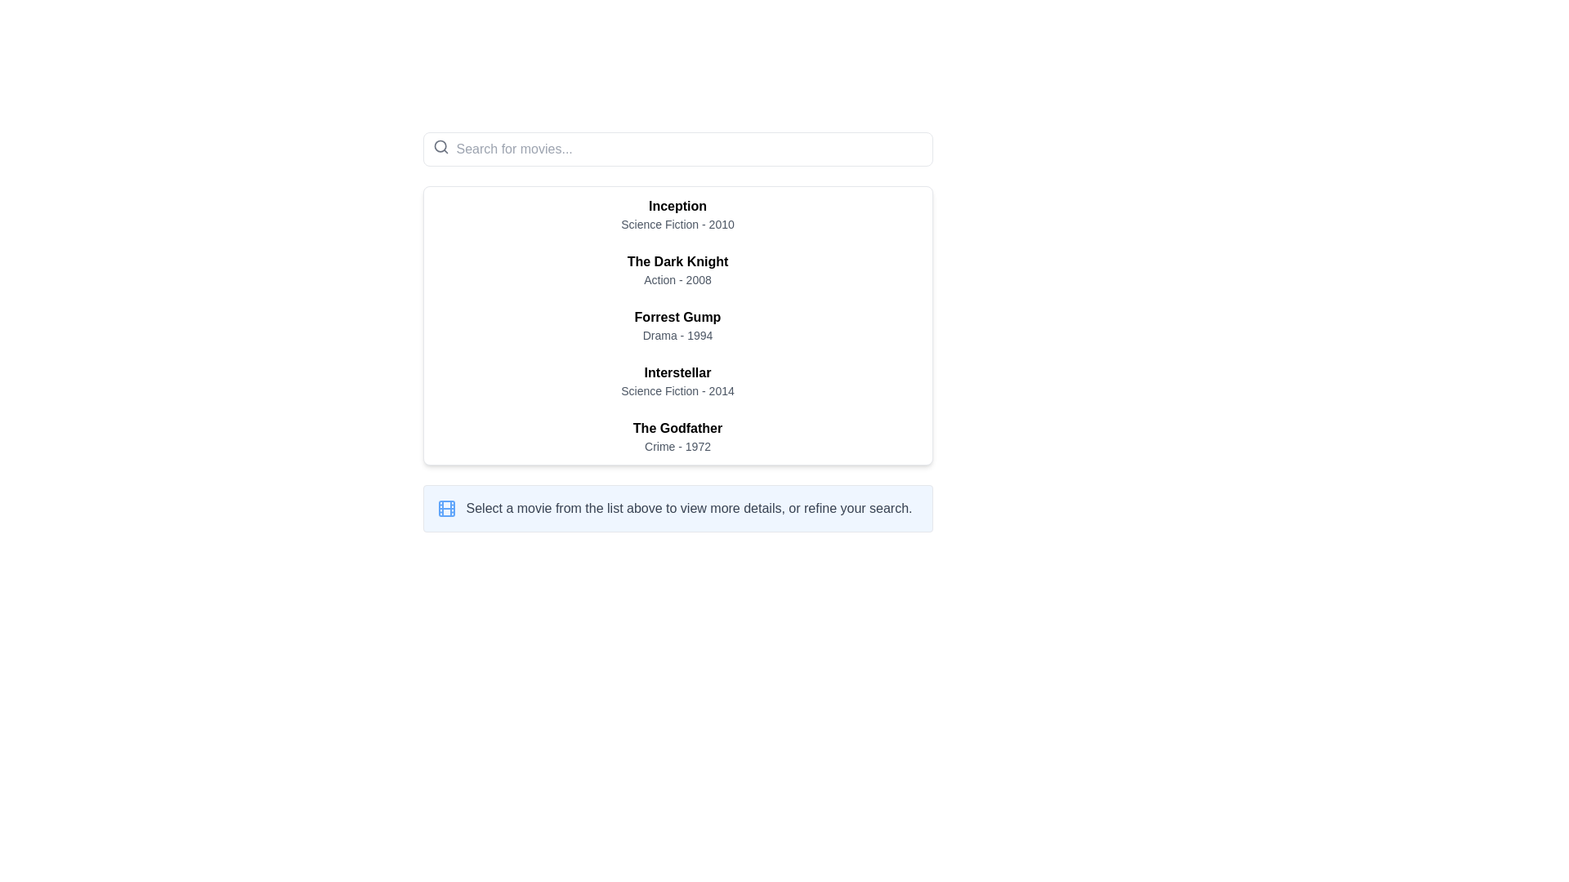 The width and height of the screenshot is (1569, 882). Describe the element at coordinates (689, 508) in the screenshot. I see `the textual message that reads 'Select a movie from the list above` at that location.